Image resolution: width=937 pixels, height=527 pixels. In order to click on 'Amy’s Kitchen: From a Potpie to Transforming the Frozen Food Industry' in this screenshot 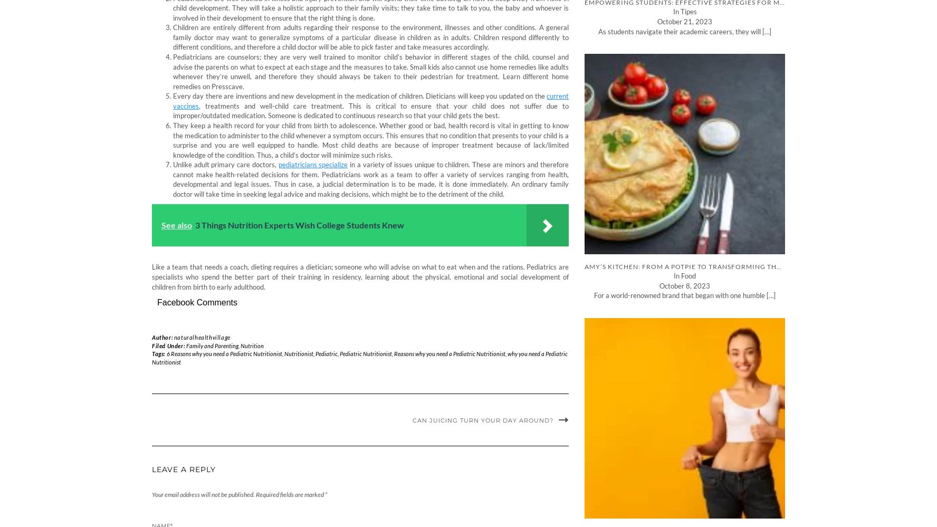, I will do `click(727, 266)`.